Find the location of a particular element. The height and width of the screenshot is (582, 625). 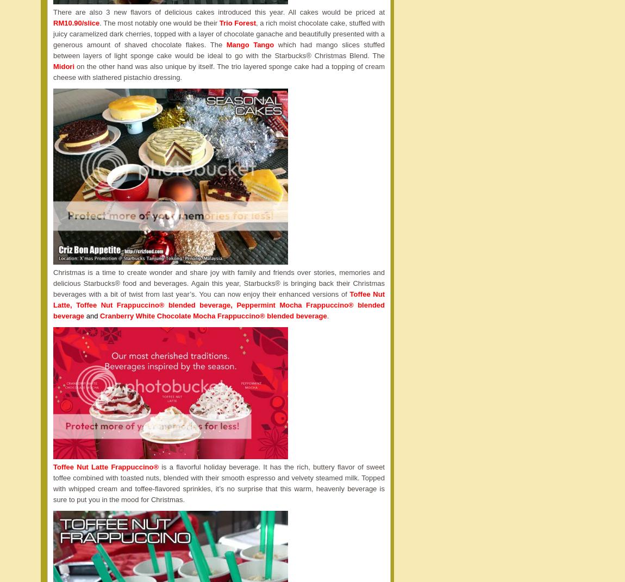

'Trio Forest' is located at coordinates (237, 22).